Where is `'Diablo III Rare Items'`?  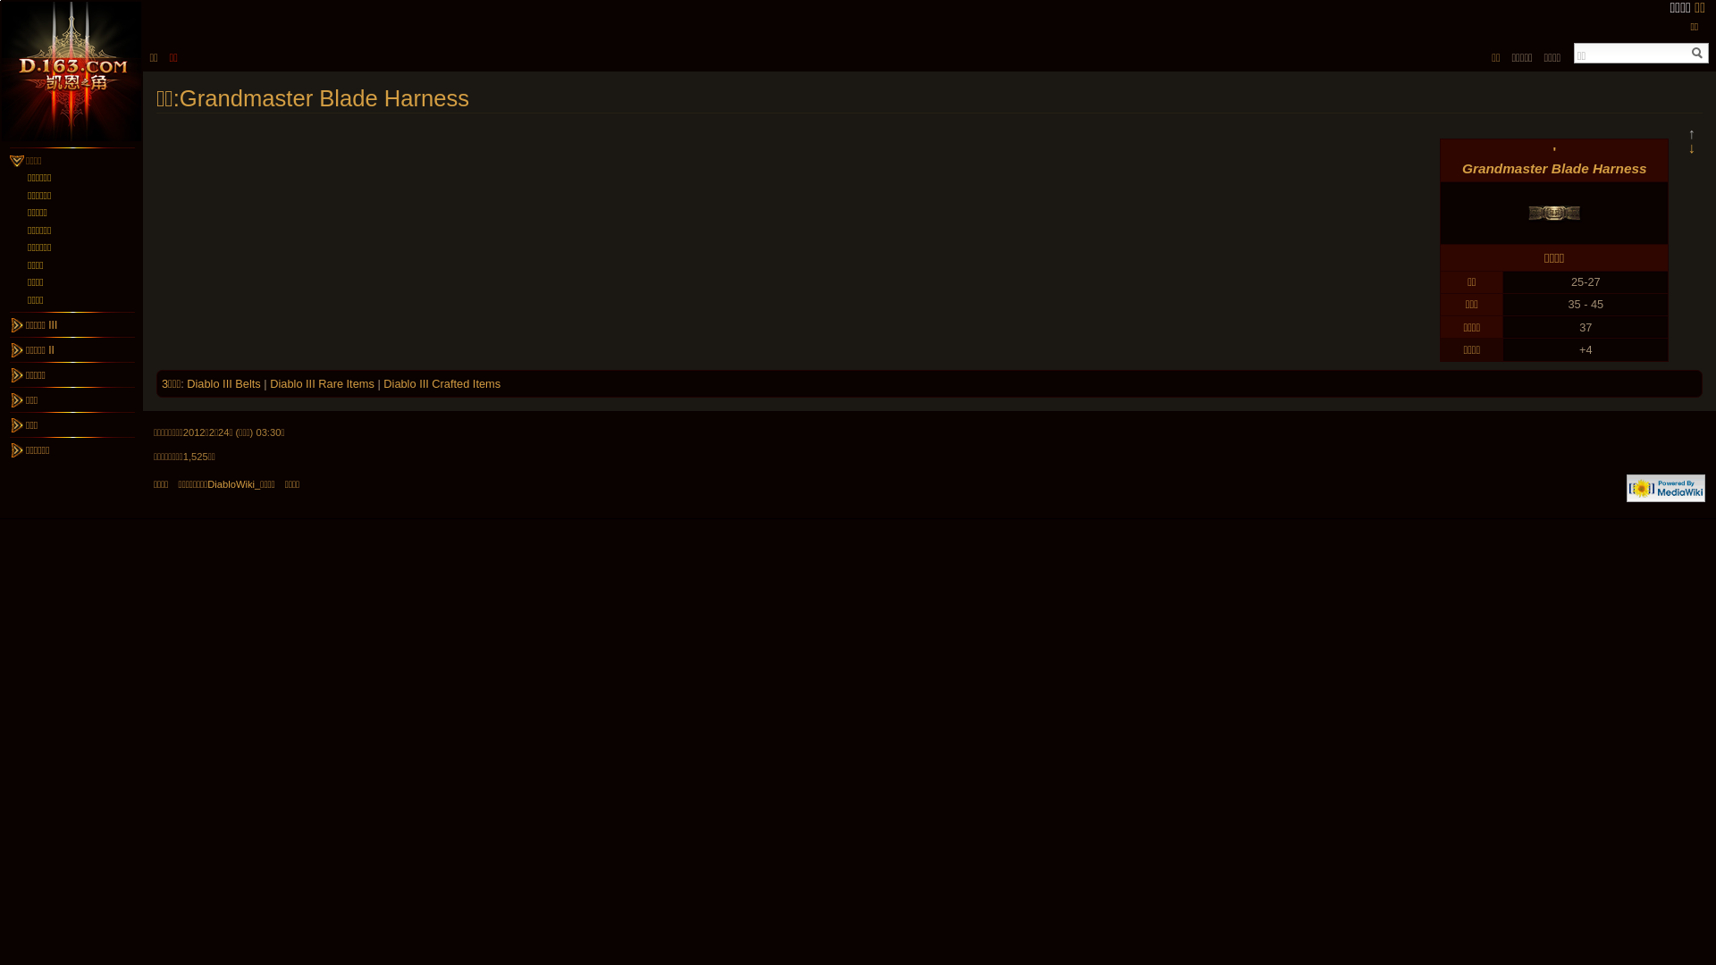
'Diablo III Rare Items' is located at coordinates (322, 382).